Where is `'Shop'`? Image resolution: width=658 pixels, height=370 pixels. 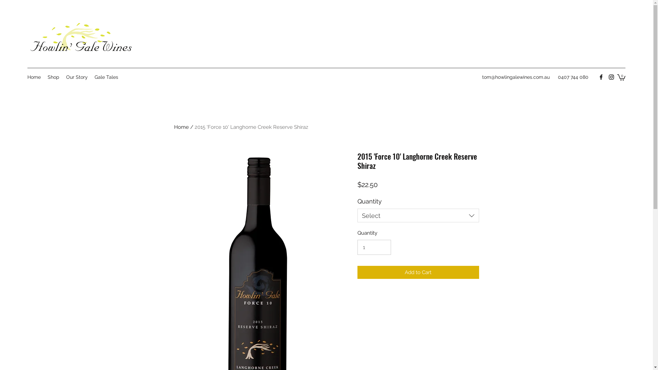 'Shop' is located at coordinates (53, 77).